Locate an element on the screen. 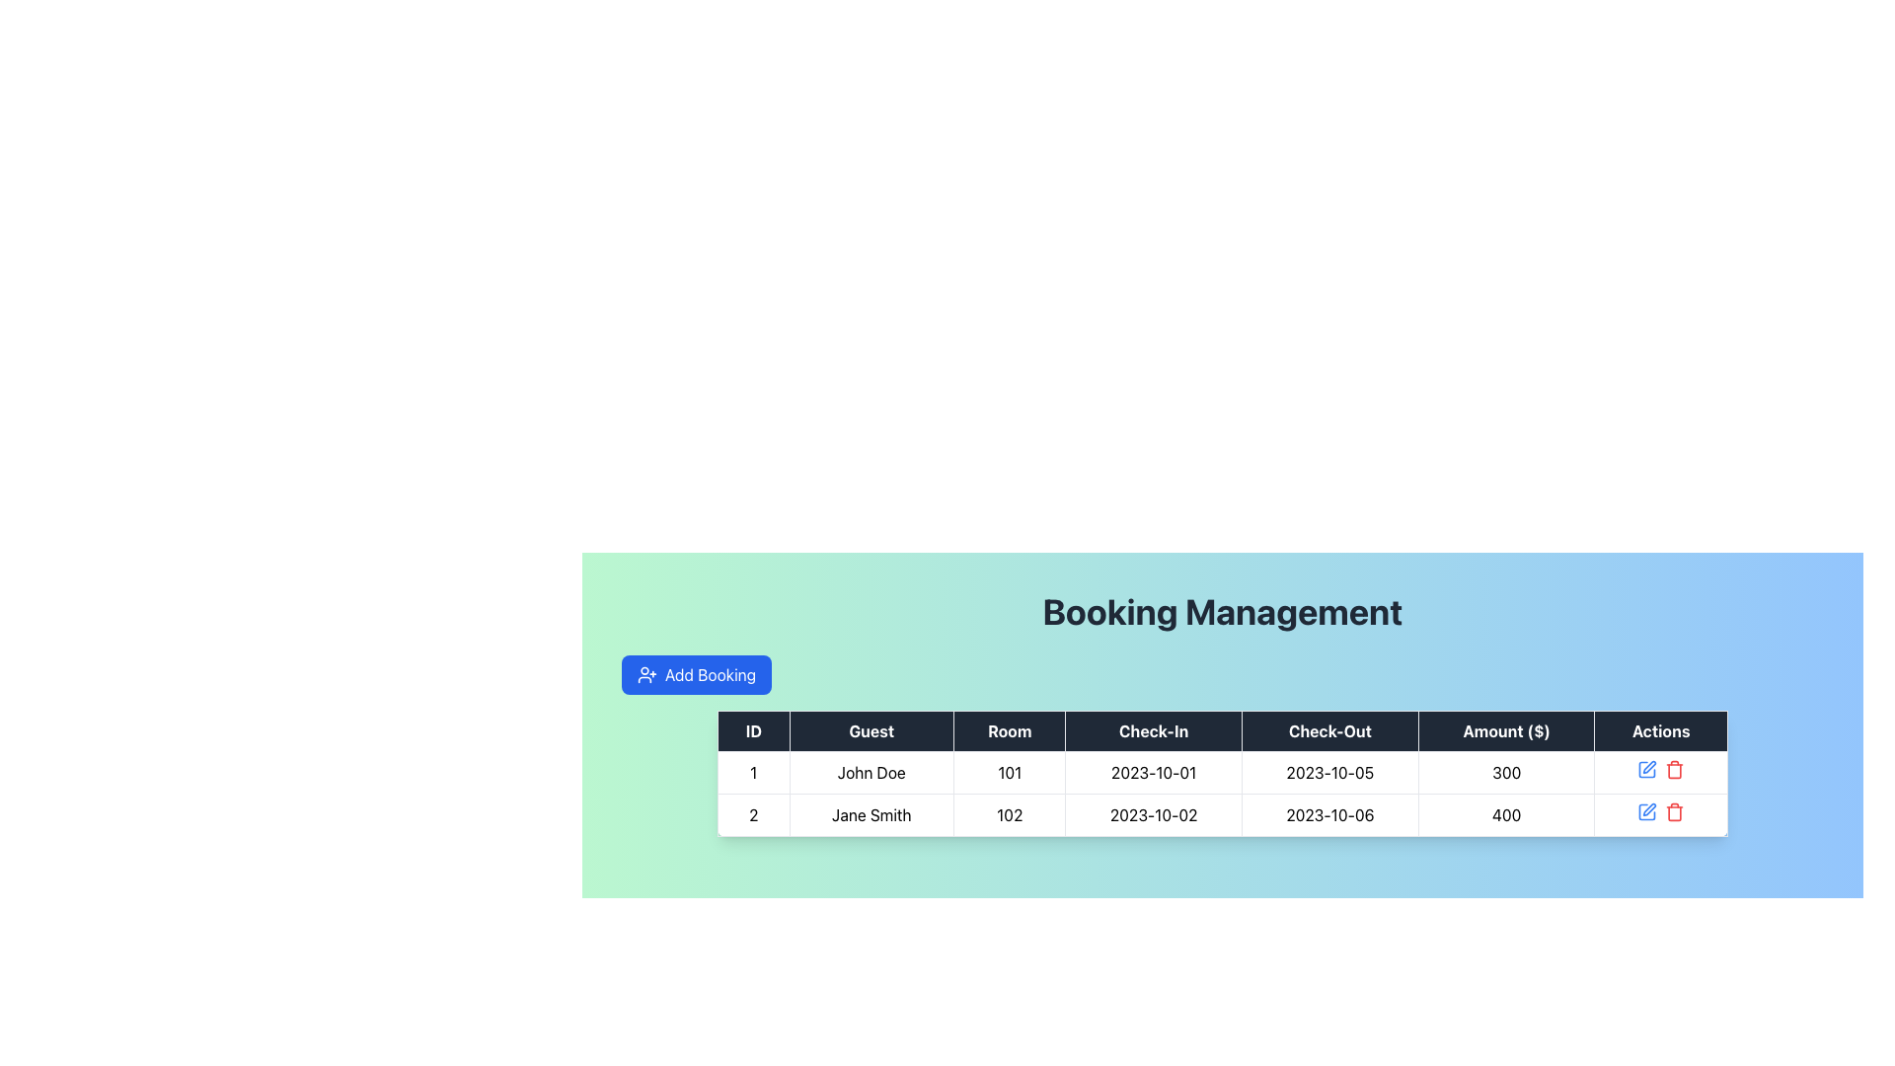  the delete icon in the Actions section of the second row in the table is located at coordinates (1674, 811).